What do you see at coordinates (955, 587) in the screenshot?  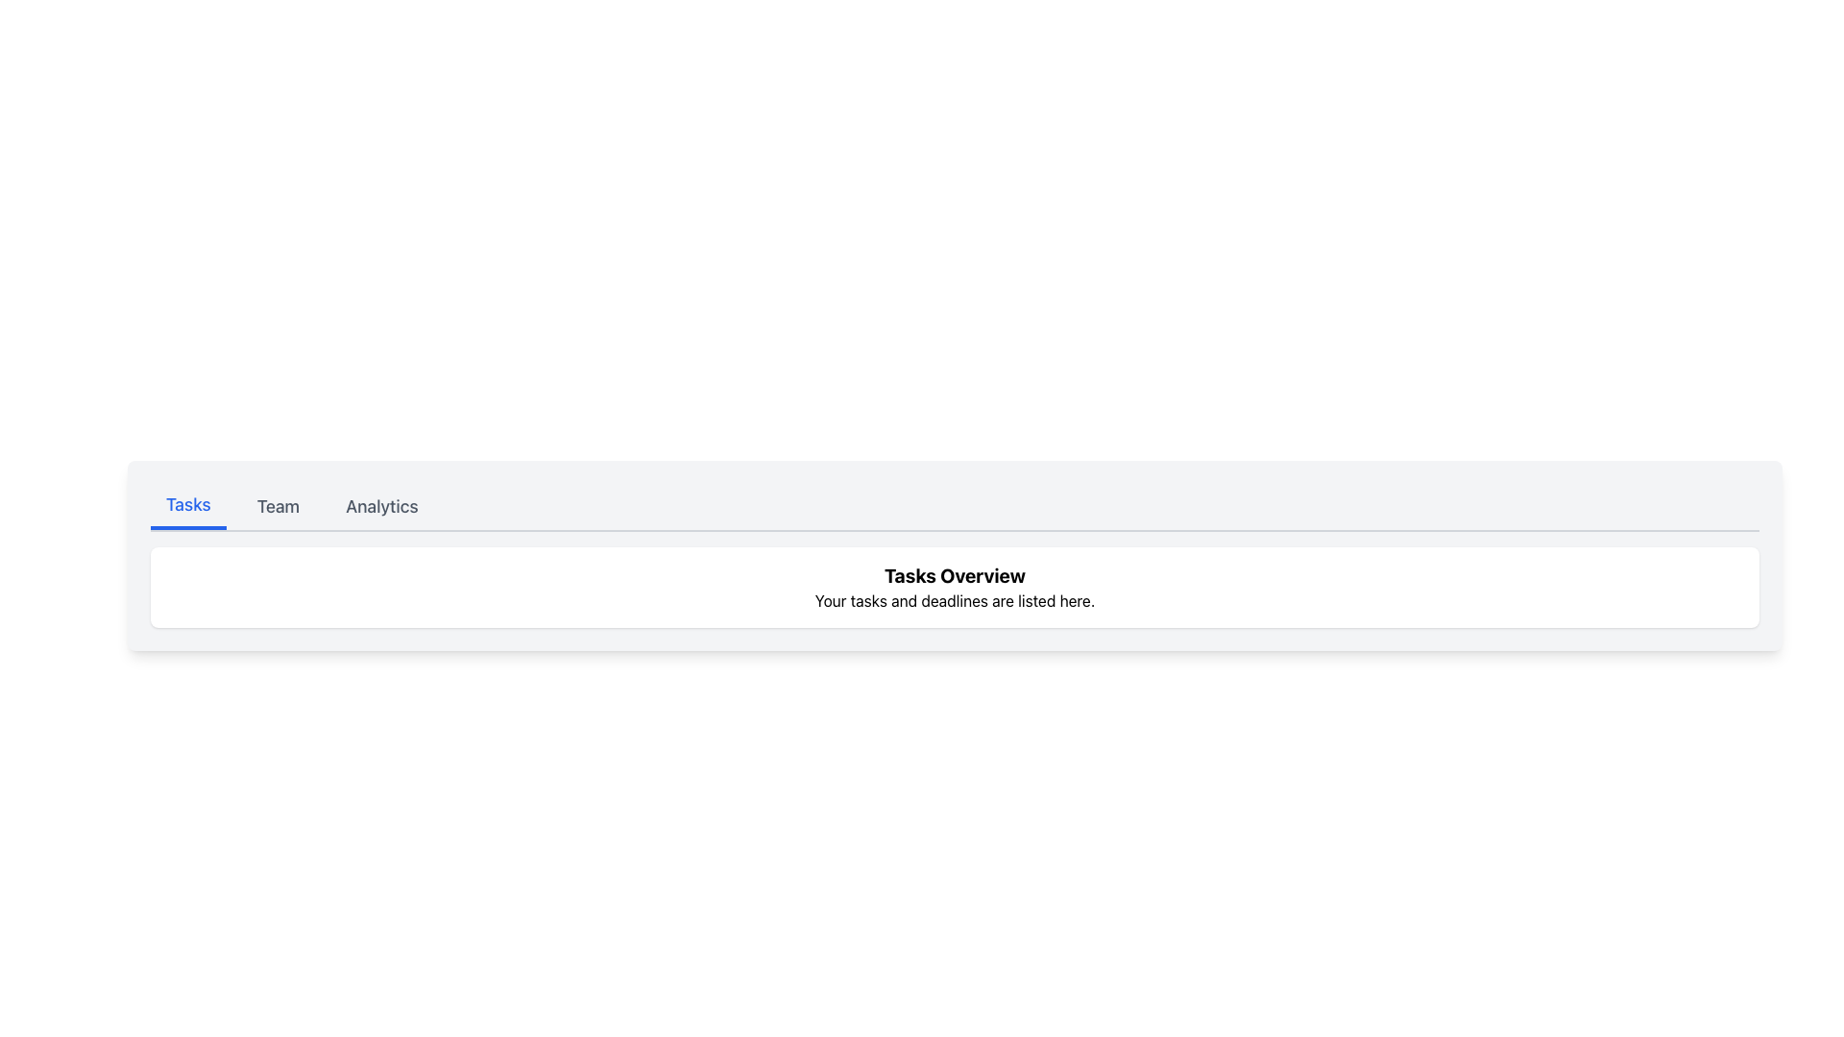 I see `the informational text block that summarizes the section's functionality, indicating it displays tasks and deadlines` at bounding box center [955, 587].